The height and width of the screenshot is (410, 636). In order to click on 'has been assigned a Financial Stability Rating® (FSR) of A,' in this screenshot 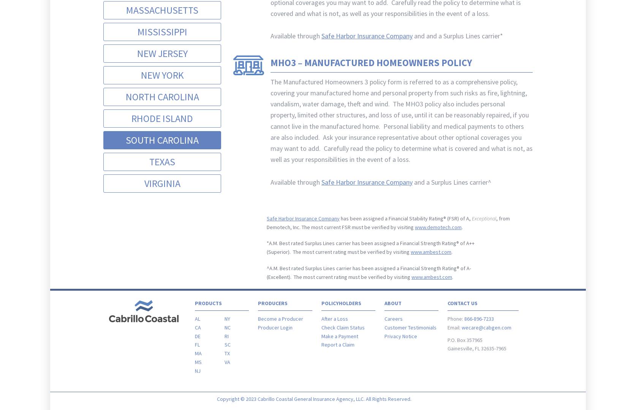, I will do `click(405, 218)`.